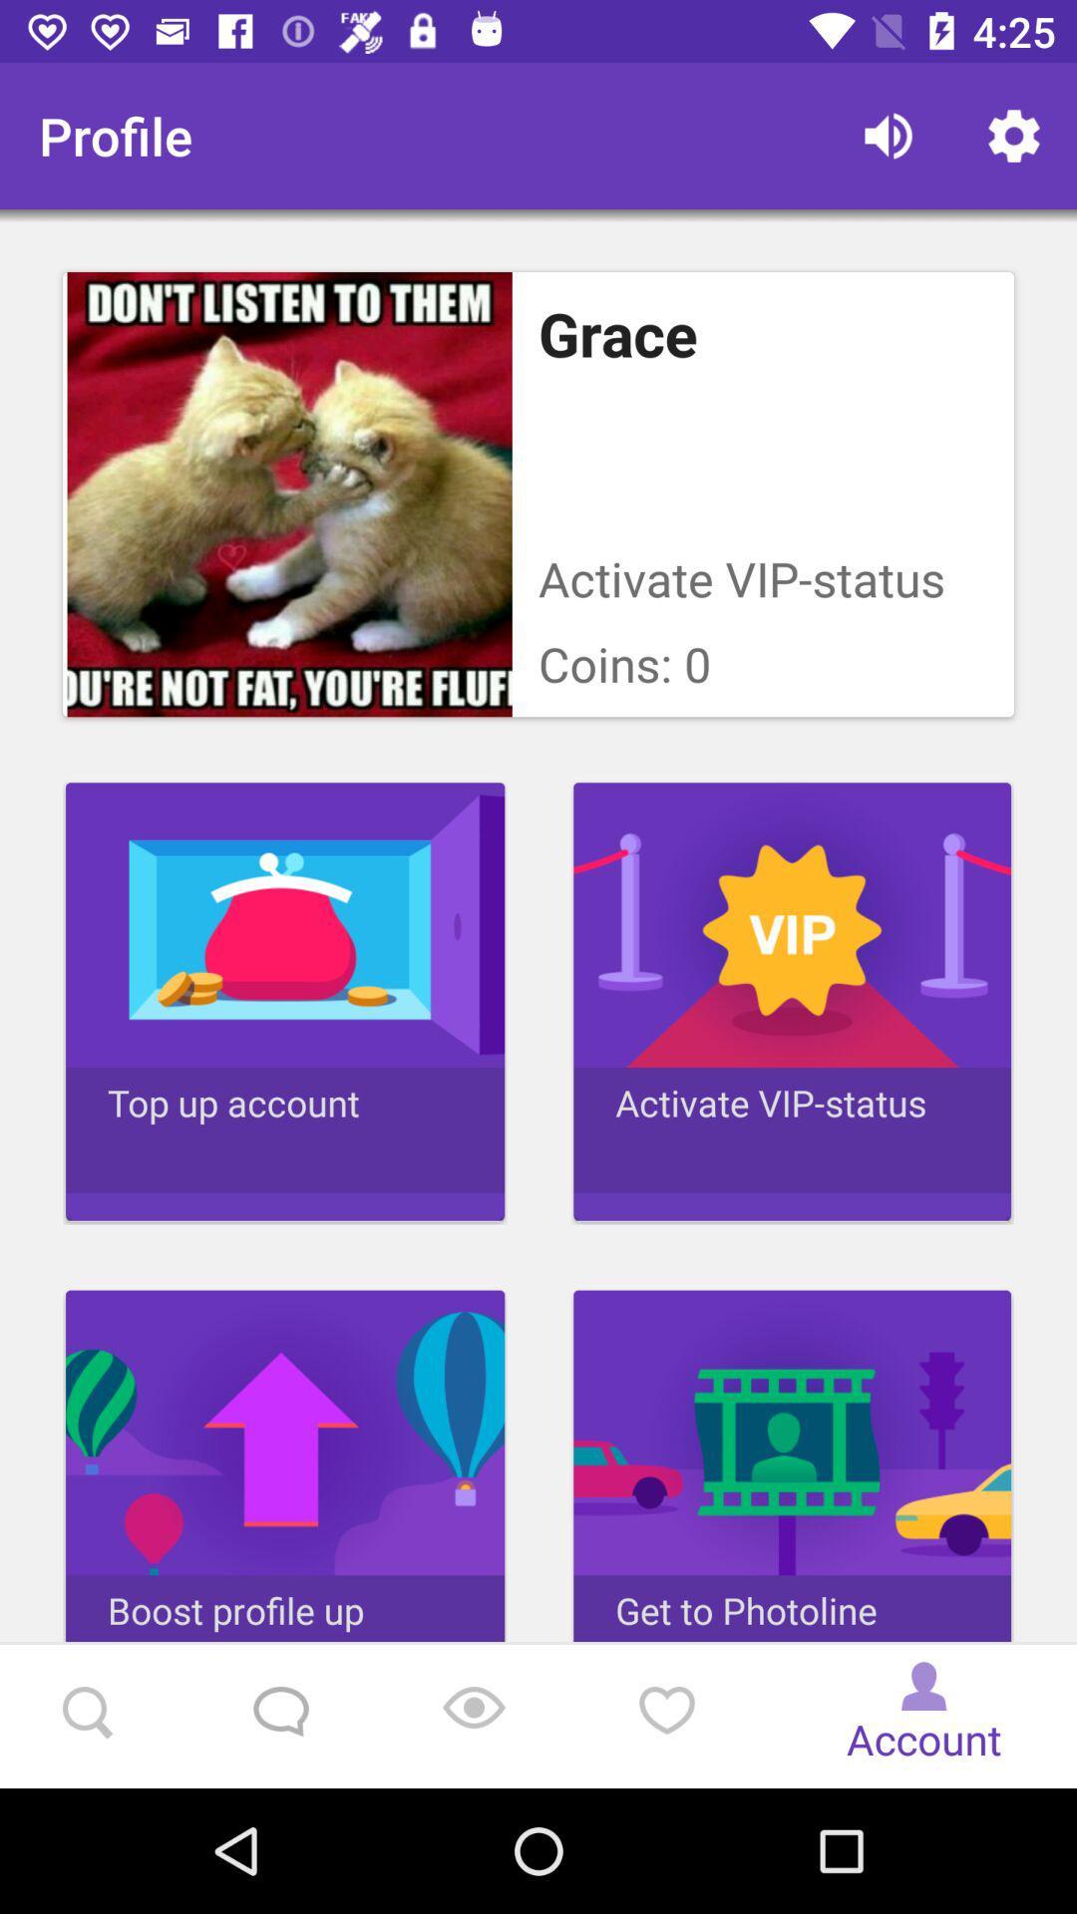 This screenshot has width=1077, height=1914. What do you see at coordinates (888, 135) in the screenshot?
I see `the item to the right of the profile` at bounding box center [888, 135].